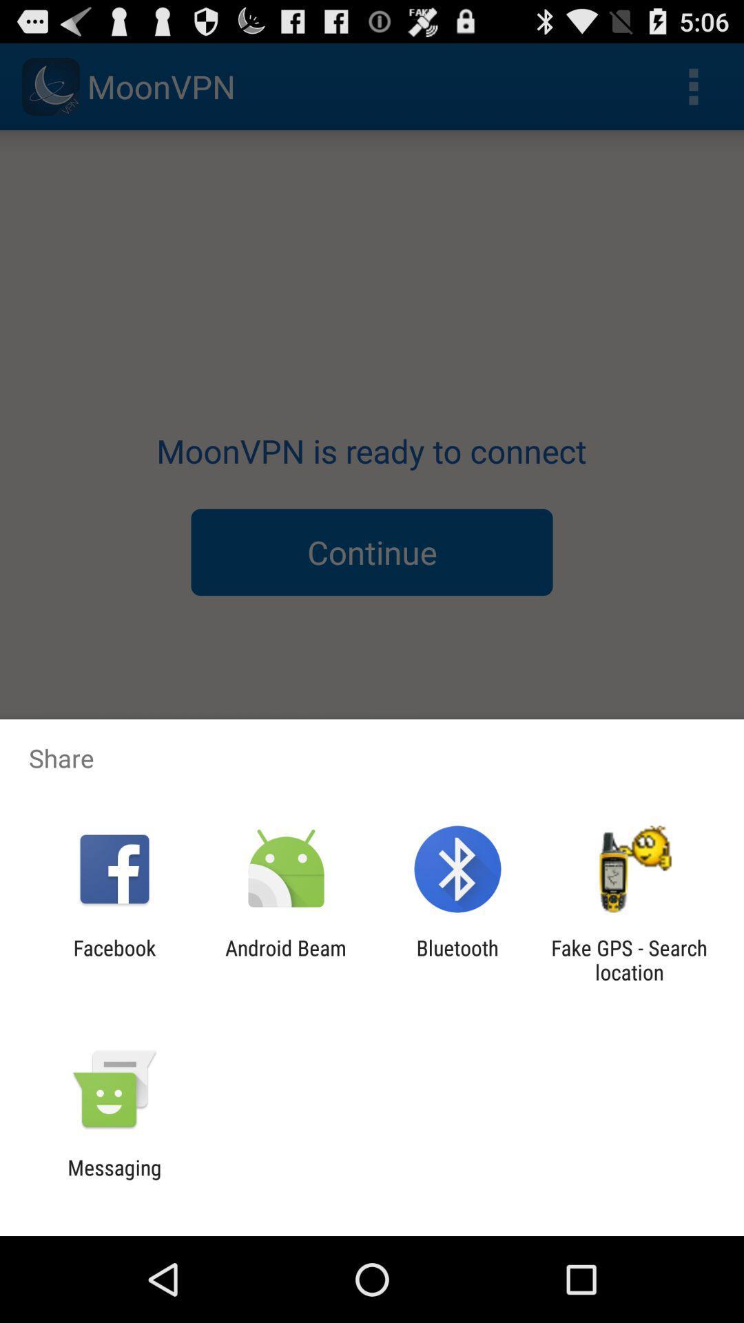 The height and width of the screenshot is (1323, 744). I want to click on android beam app, so click(285, 959).